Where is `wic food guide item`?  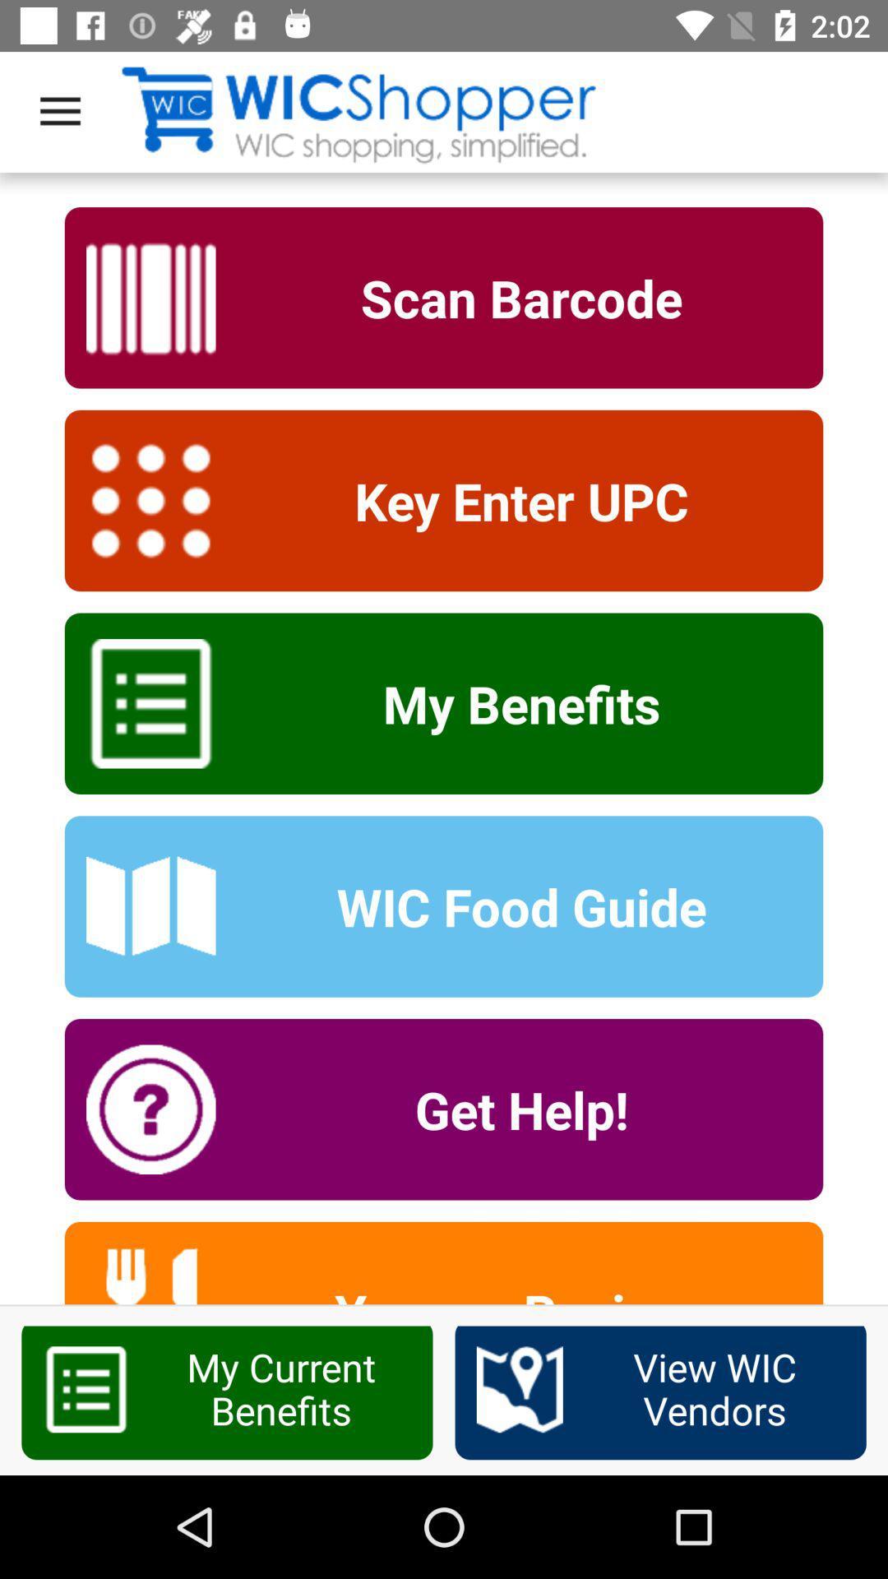 wic food guide item is located at coordinates (510, 905).